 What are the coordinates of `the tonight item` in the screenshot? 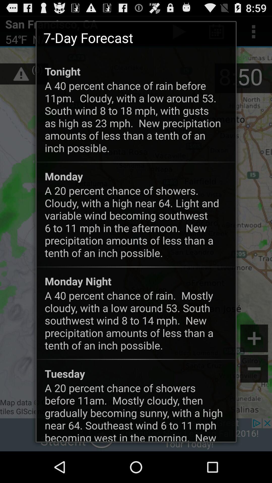 It's located at (62, 71).